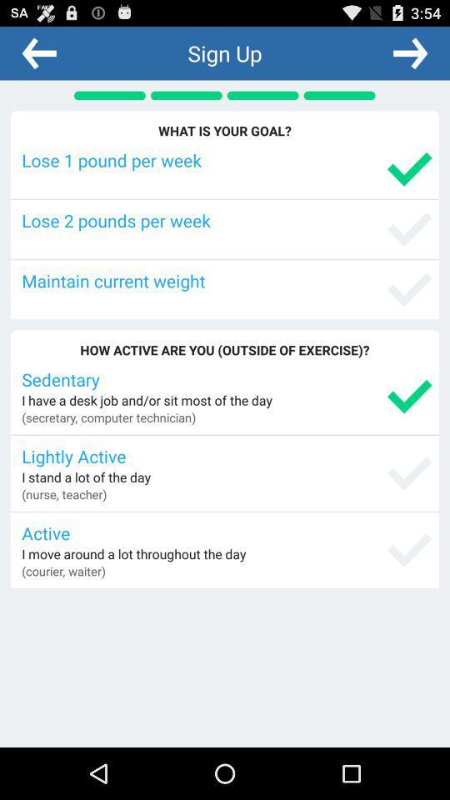 The image size is (450, 800). Describe the element at coordinates (39, 52) in the screenshot. I see `icon above the what is your app` at that location.